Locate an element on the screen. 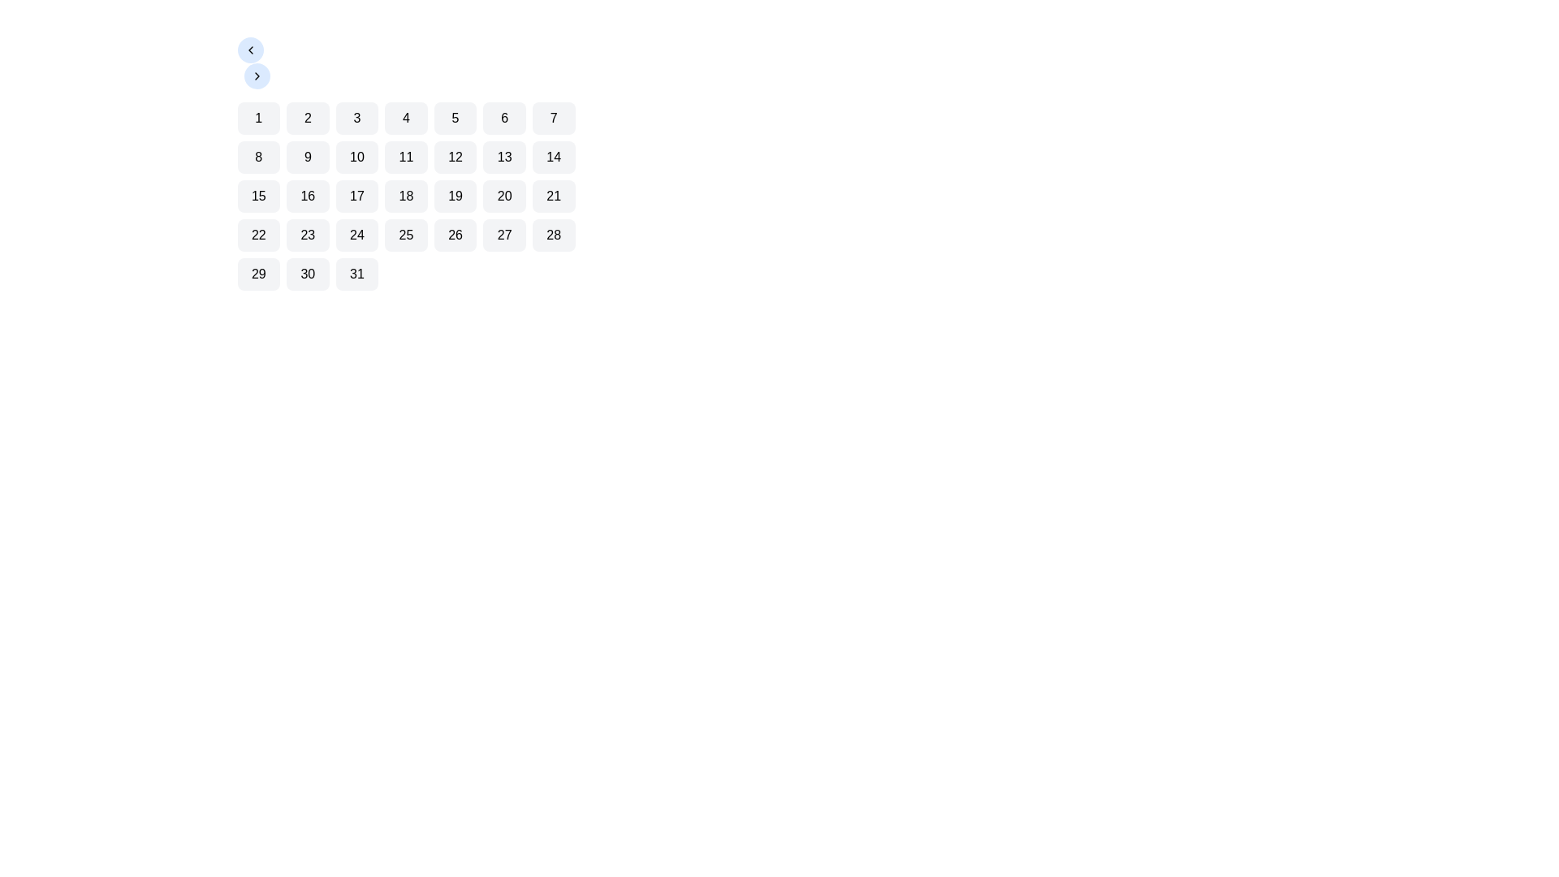  the button displaying the number '6' in a multi-row grid layout is located at coordinates (503, 118).